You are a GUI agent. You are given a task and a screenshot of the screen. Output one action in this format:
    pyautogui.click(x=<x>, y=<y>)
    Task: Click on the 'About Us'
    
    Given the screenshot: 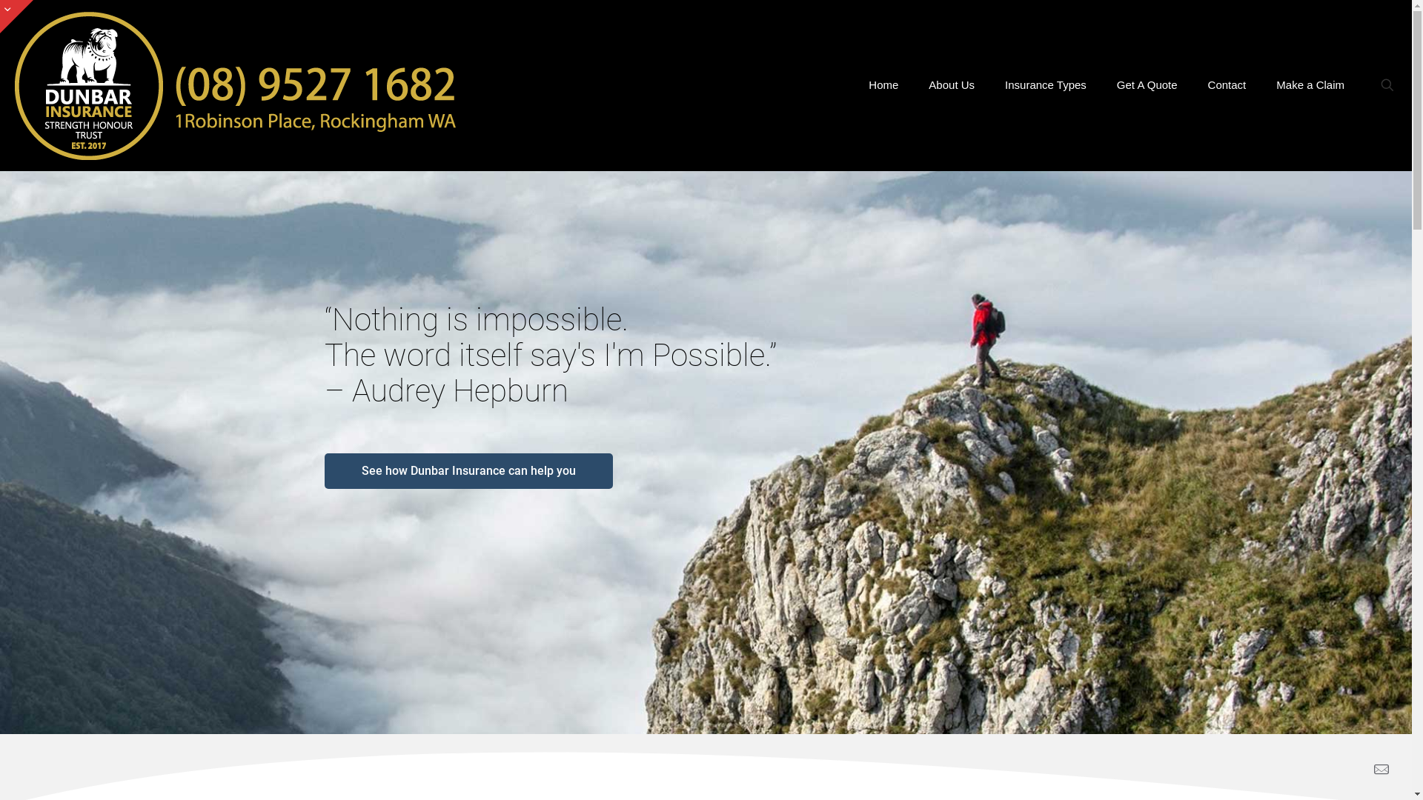 What is the action you would take?
    pyautogui.click(x=952, y=85)
    